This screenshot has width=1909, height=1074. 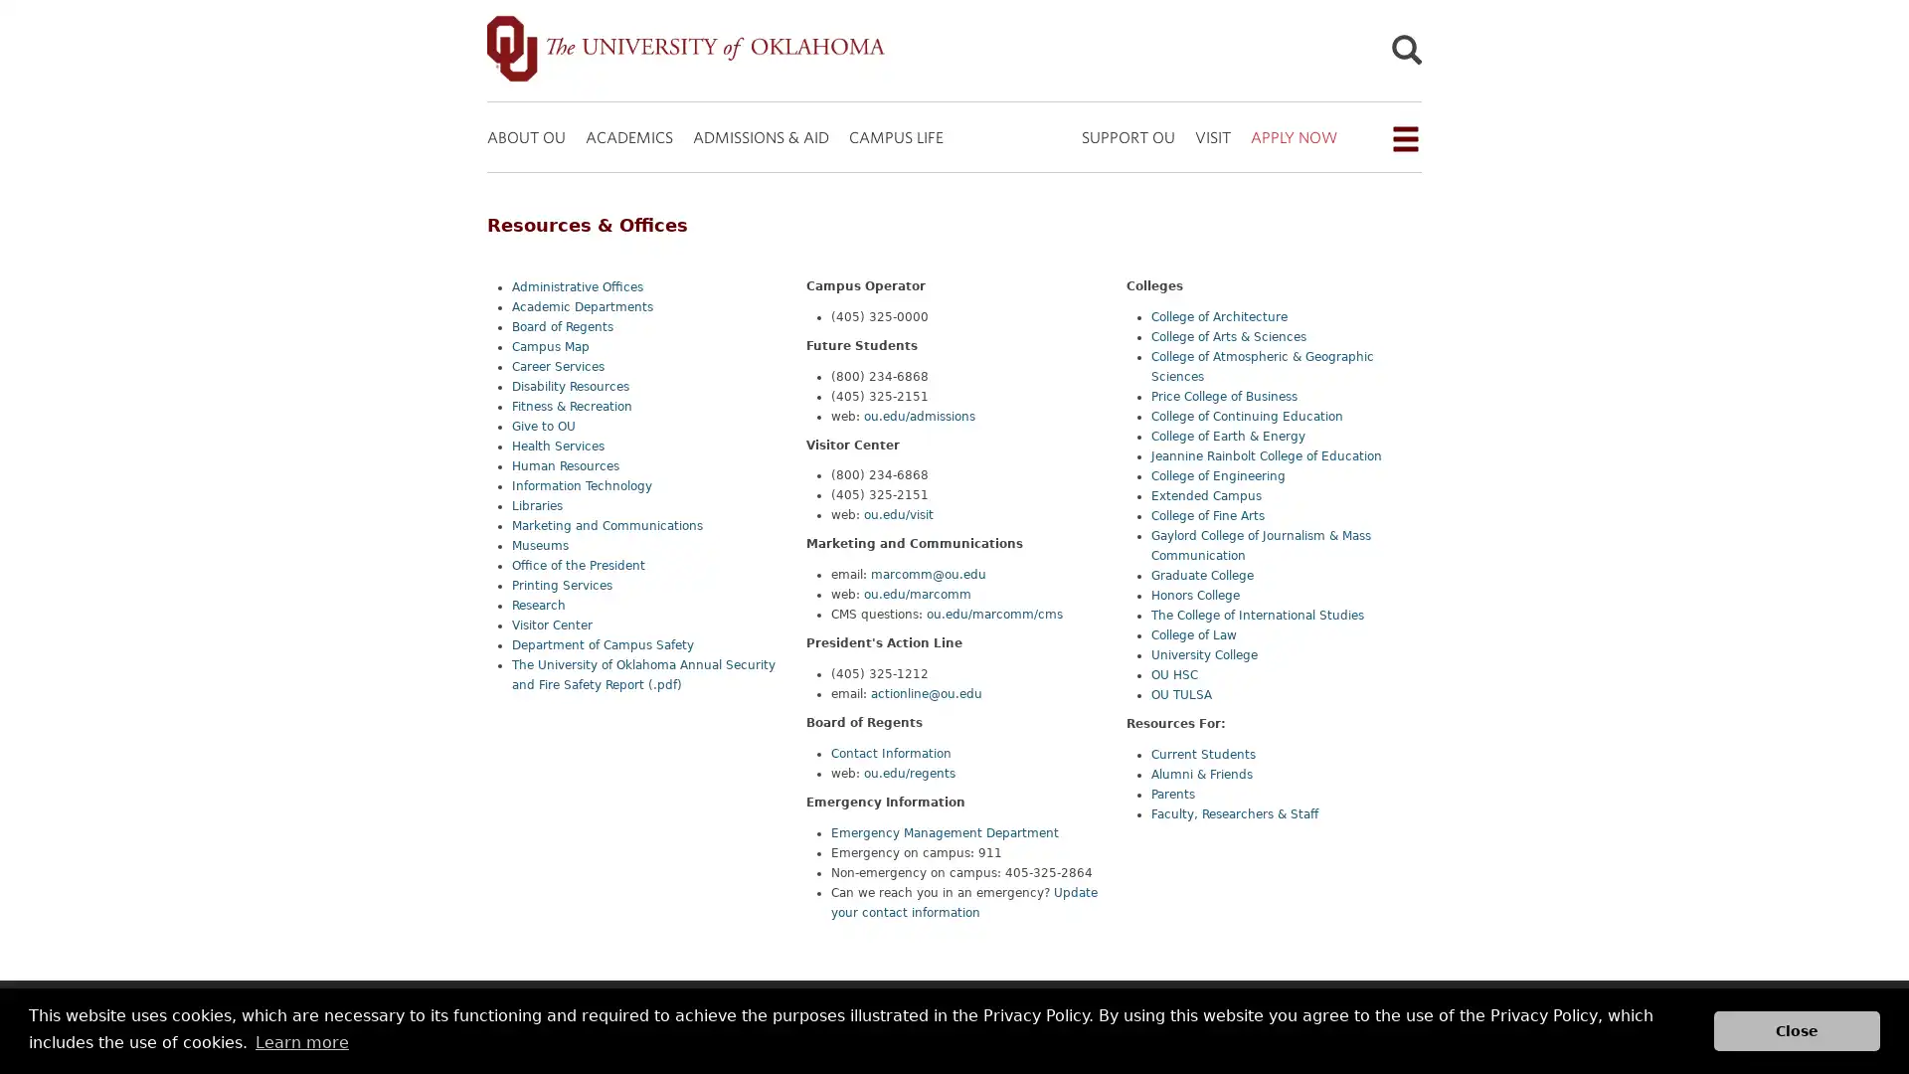 I want to click on Open the navigation menu for additional navigation options, so click(x=1403, y=137).